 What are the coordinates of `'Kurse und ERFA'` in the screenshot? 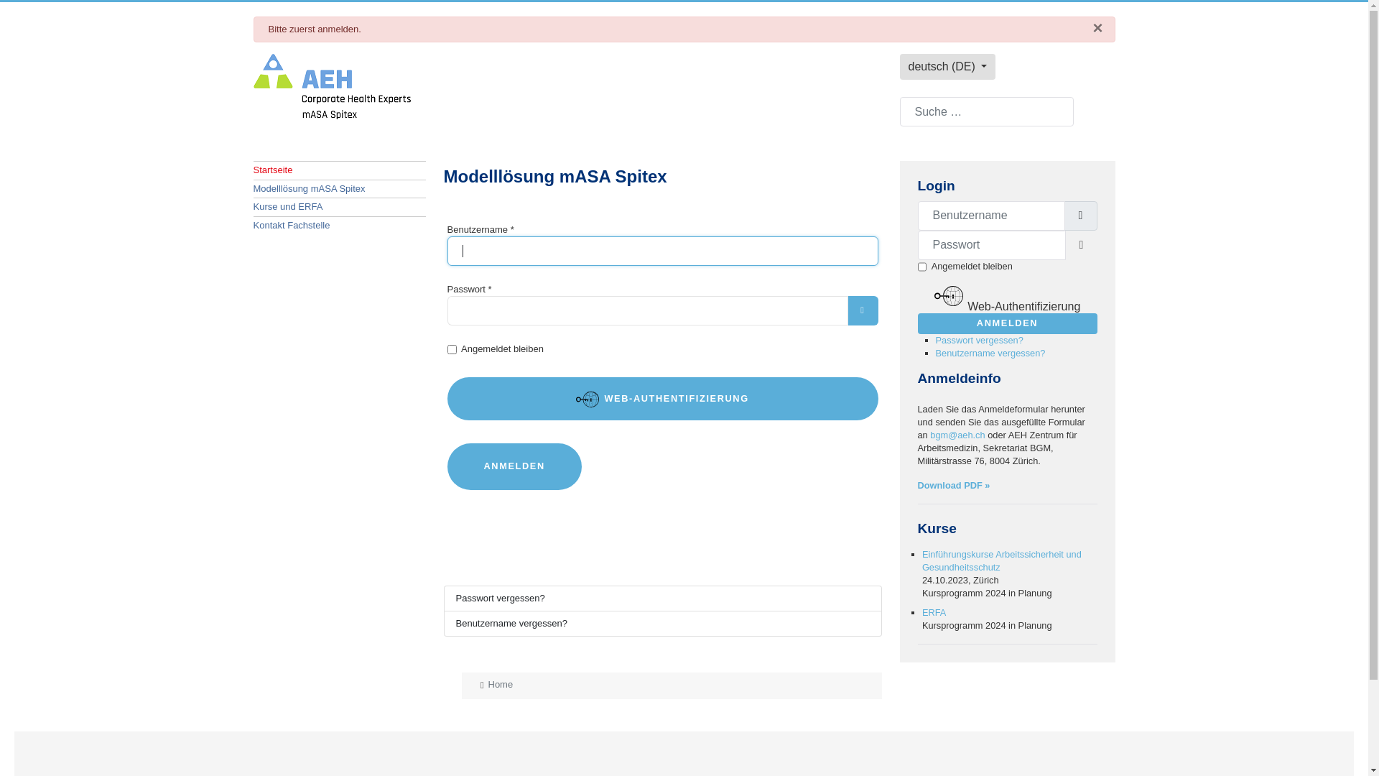 It's located at (338, 207).